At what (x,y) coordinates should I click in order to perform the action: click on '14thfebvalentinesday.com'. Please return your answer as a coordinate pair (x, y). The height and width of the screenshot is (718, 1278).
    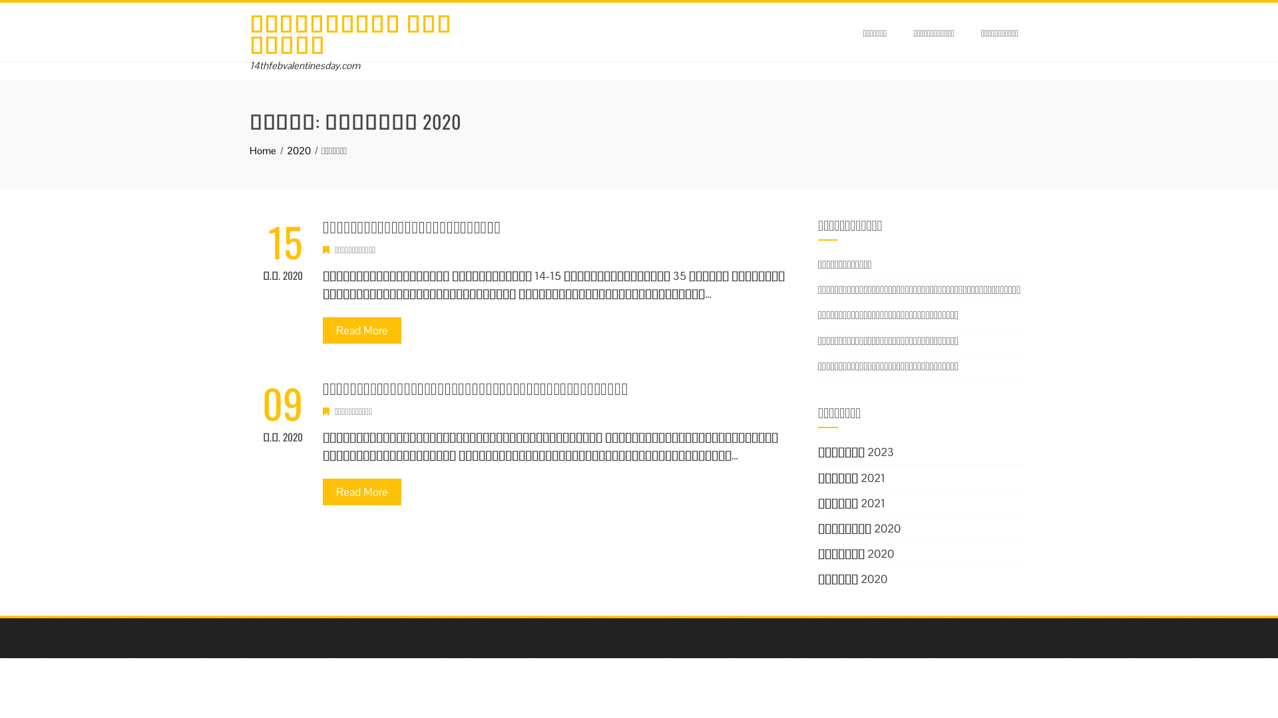
    Looking at the image, I should click on (304, 65).